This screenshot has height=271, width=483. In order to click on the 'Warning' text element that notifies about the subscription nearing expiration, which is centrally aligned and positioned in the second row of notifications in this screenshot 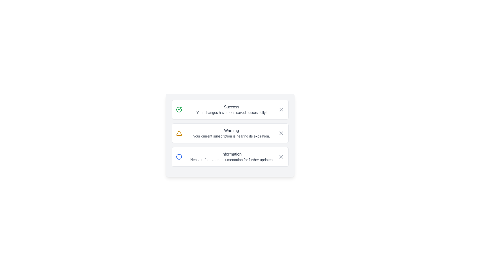, I will do `click(231, 133)`.